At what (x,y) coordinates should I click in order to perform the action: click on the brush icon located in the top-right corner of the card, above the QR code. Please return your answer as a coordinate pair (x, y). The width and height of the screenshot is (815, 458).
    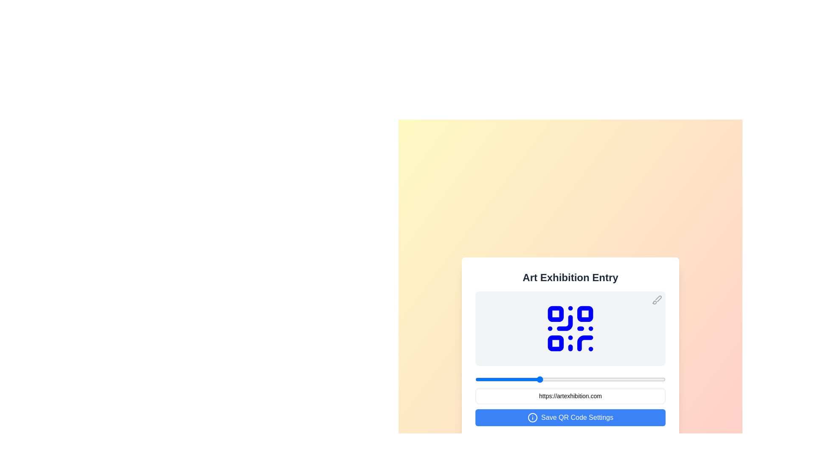
    Looking at the image, I should click on (657, 299).